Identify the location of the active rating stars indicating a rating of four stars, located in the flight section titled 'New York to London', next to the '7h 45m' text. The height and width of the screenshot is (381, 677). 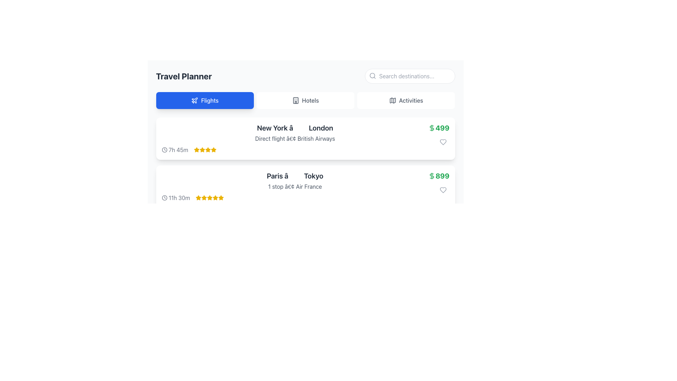
(205, 149).